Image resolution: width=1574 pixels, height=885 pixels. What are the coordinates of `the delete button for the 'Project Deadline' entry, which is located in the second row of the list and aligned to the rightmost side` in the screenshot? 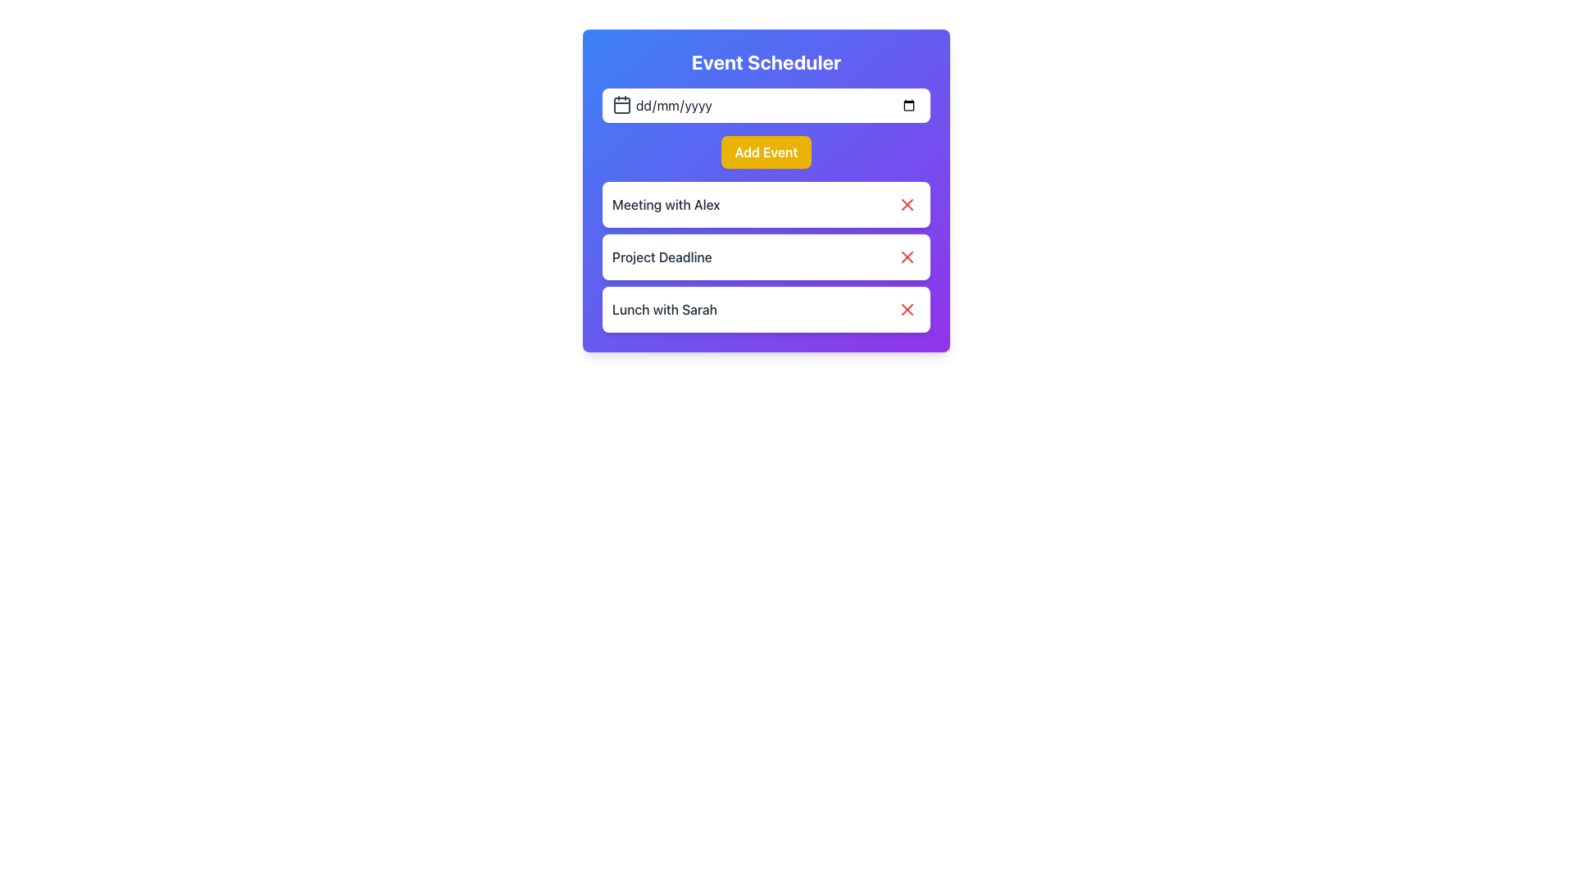 It's located at (907, 256).